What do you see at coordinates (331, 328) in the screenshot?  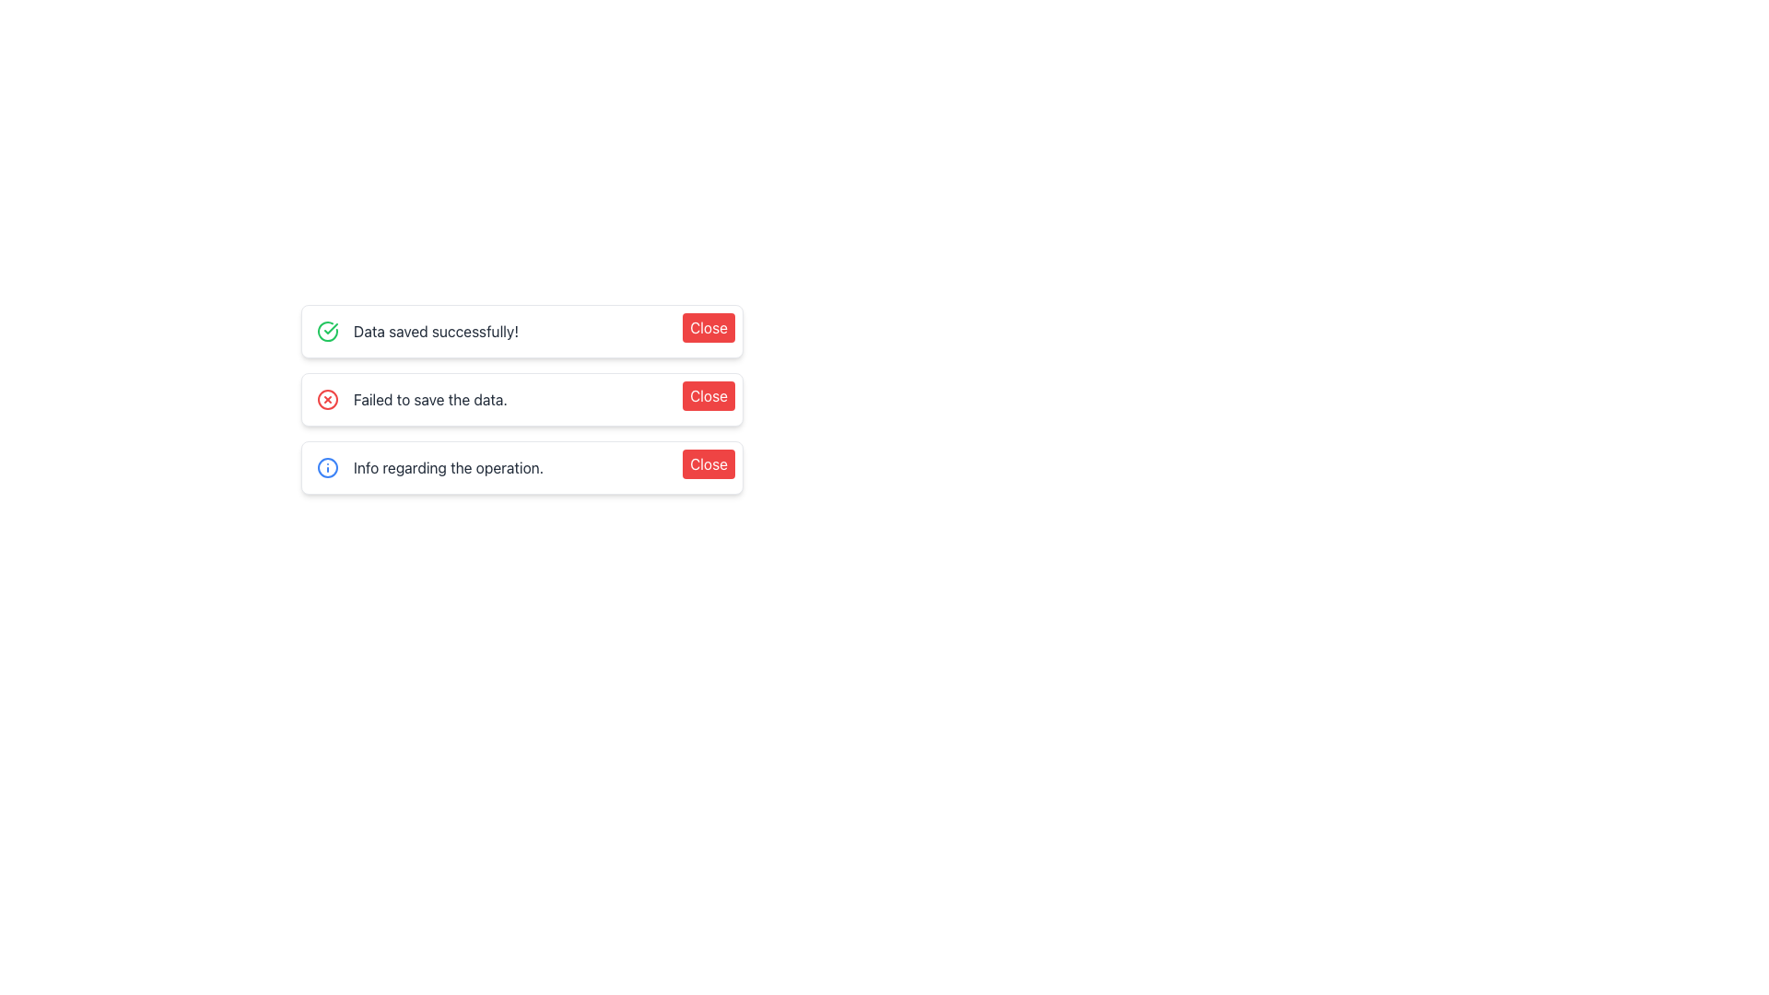 I see `the checkmark icon within a circular border, which indicates a confirmation or success state` at bounding box center [331, 328].